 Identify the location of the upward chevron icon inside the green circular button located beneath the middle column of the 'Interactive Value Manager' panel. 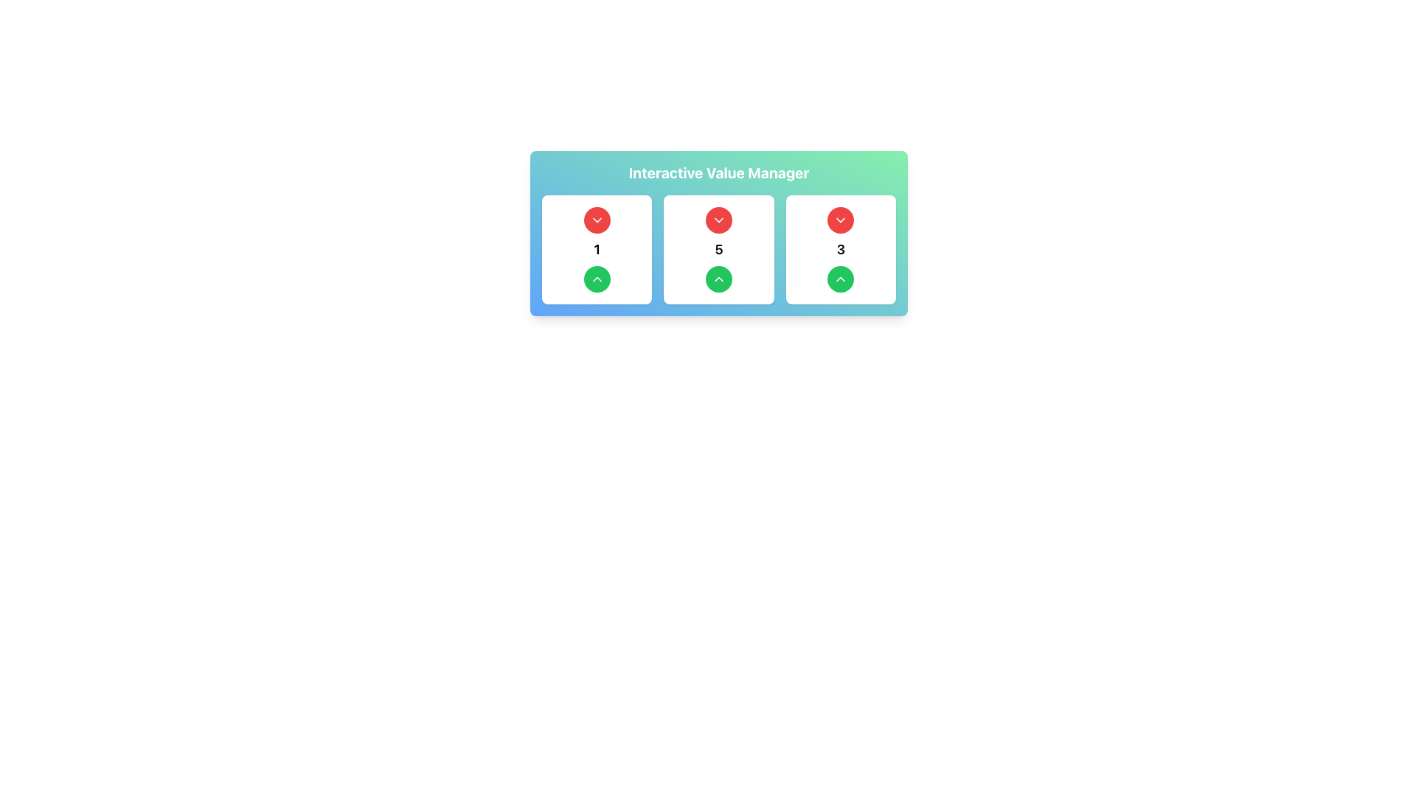
(718, 279).